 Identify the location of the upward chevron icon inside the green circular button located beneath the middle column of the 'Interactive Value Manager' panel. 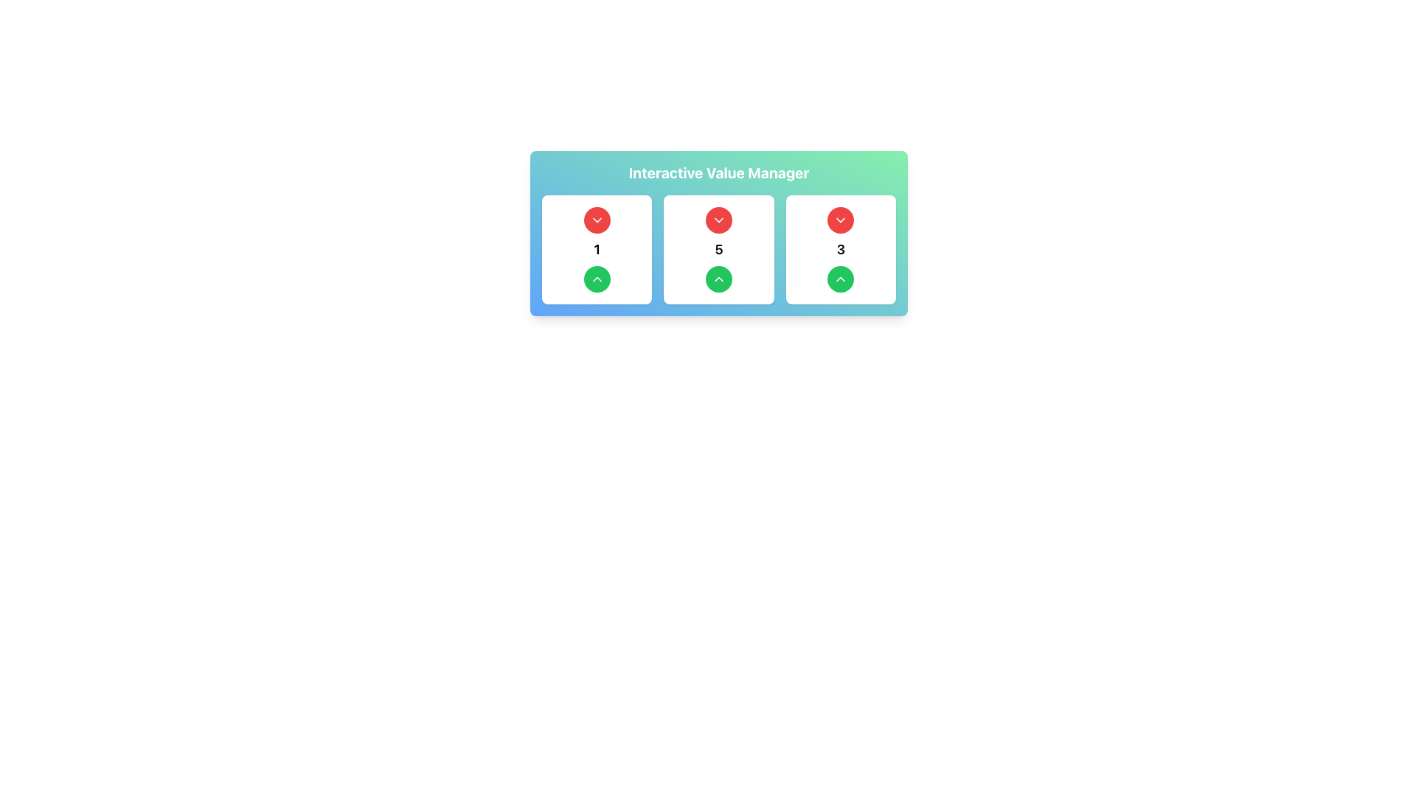
(718, 279).